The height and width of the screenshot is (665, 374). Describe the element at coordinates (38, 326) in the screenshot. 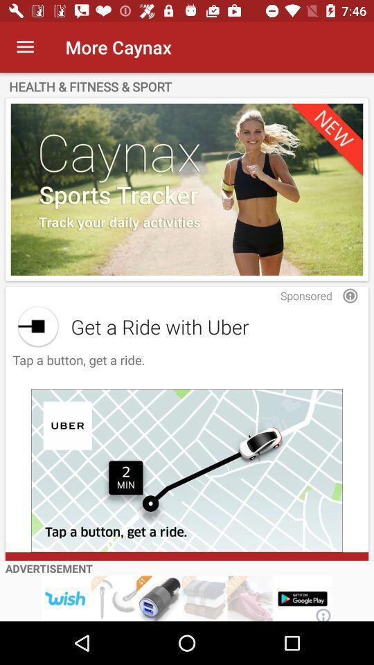

I see `the icon beside get a ride with uber` at that location.